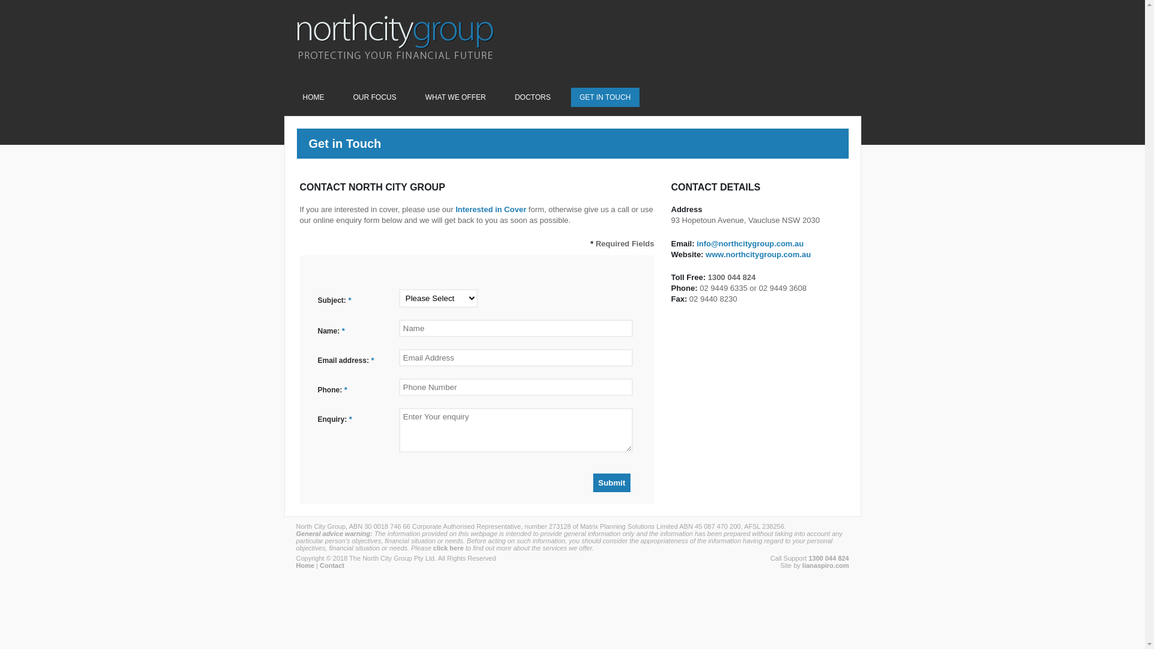  What do you see at coordinates (305, 565) in the screenshot?
I see `'Home'` at bounding box center [305, 565].